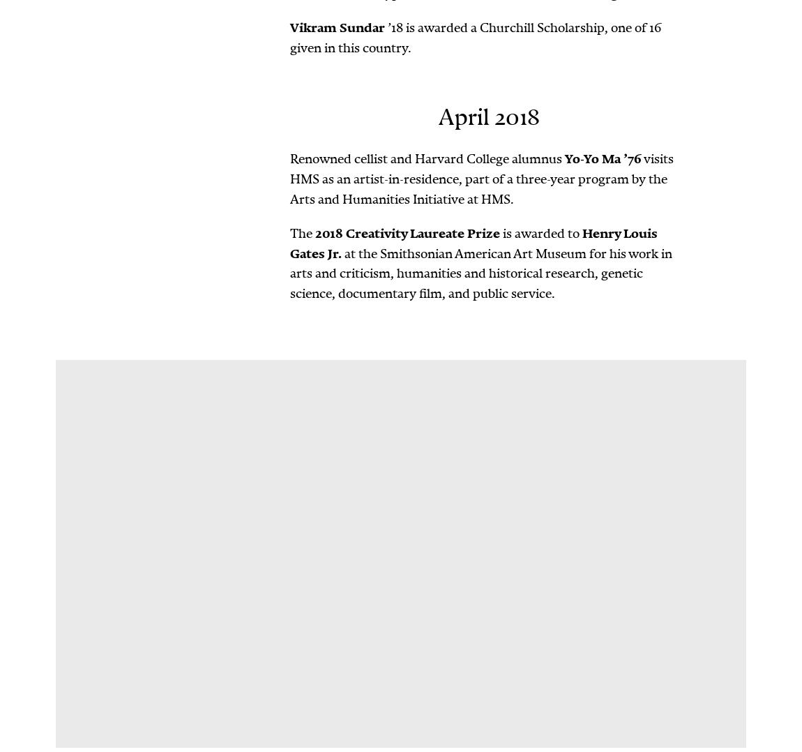 Image resolution: width=802 pixels, height=752 pixels. Describe the element at coordinates (603, 158) in the screenshot. I see `'Yo-Yo Ma ’76'` at that location.